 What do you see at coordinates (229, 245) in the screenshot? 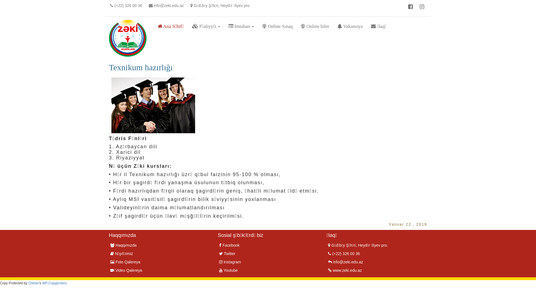
I see `'Facebook'` at bounding box center [229, 245].